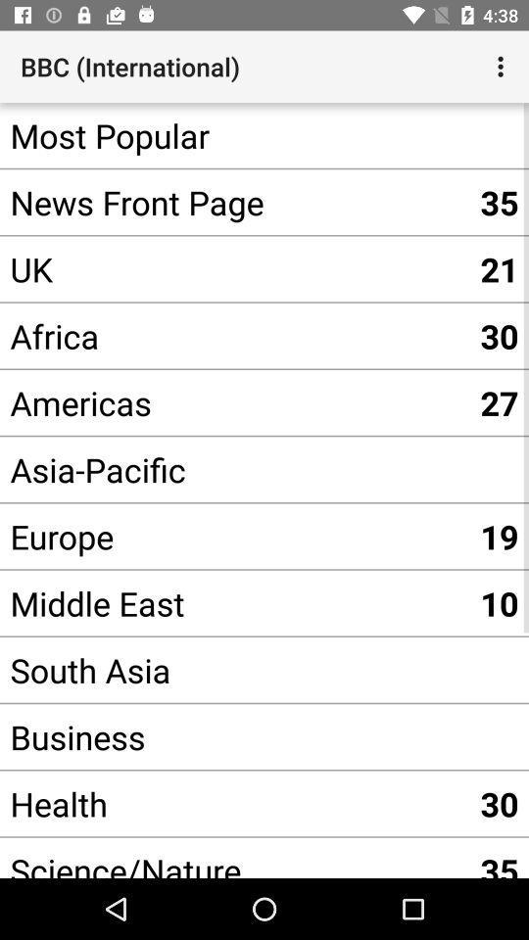 This screenshot has height=940, width=529. Describe the element at coordinates (234, 602) in the screenshot. I see `the middle east app` at that location.